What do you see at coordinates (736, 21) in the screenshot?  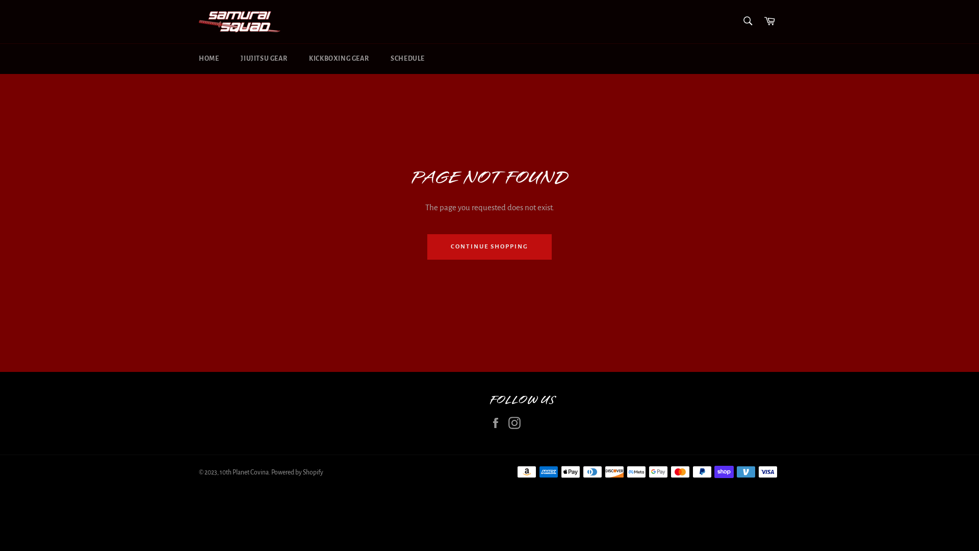 I see `'Search'` at bounding box center [736, 21].